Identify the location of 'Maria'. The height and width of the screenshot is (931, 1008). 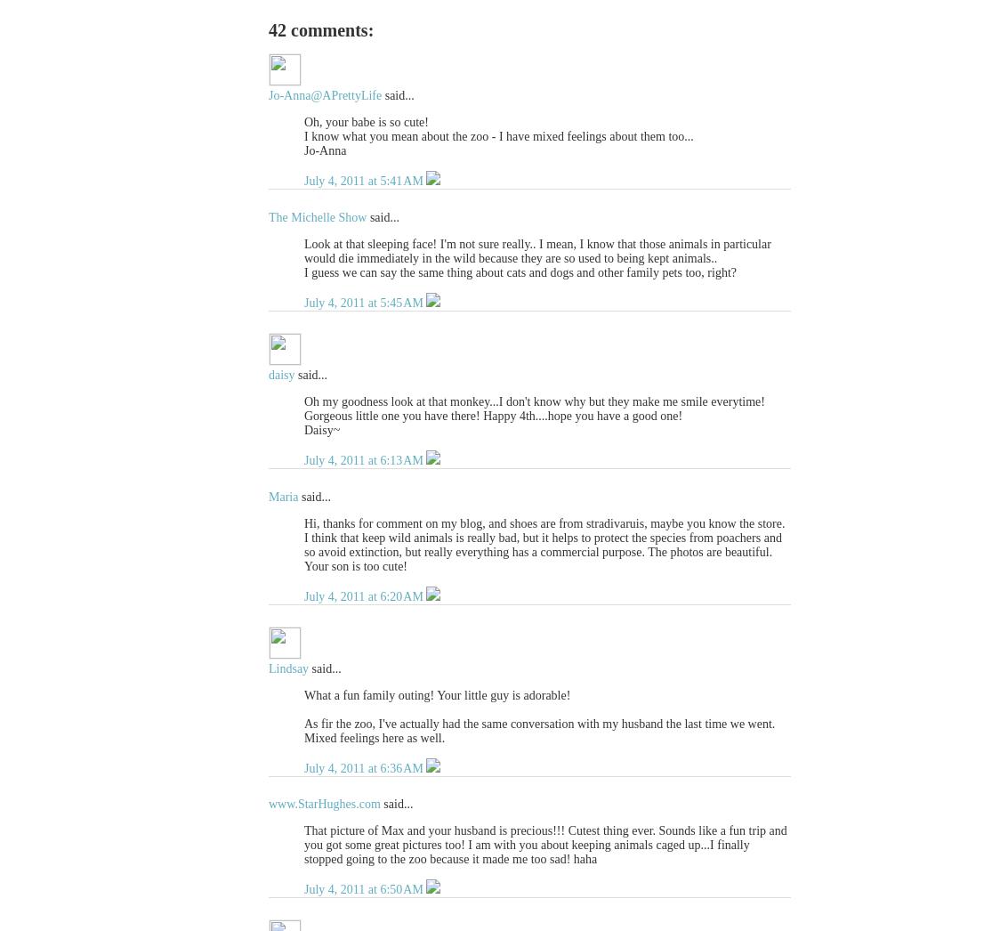
(283, 495).